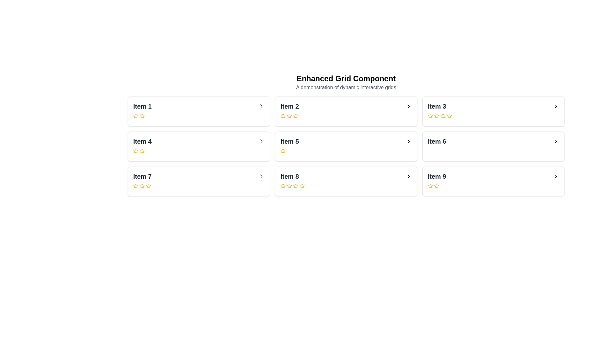  I want to click on the first star icon in the rating system for keyboard interaction, so click(135, 151).